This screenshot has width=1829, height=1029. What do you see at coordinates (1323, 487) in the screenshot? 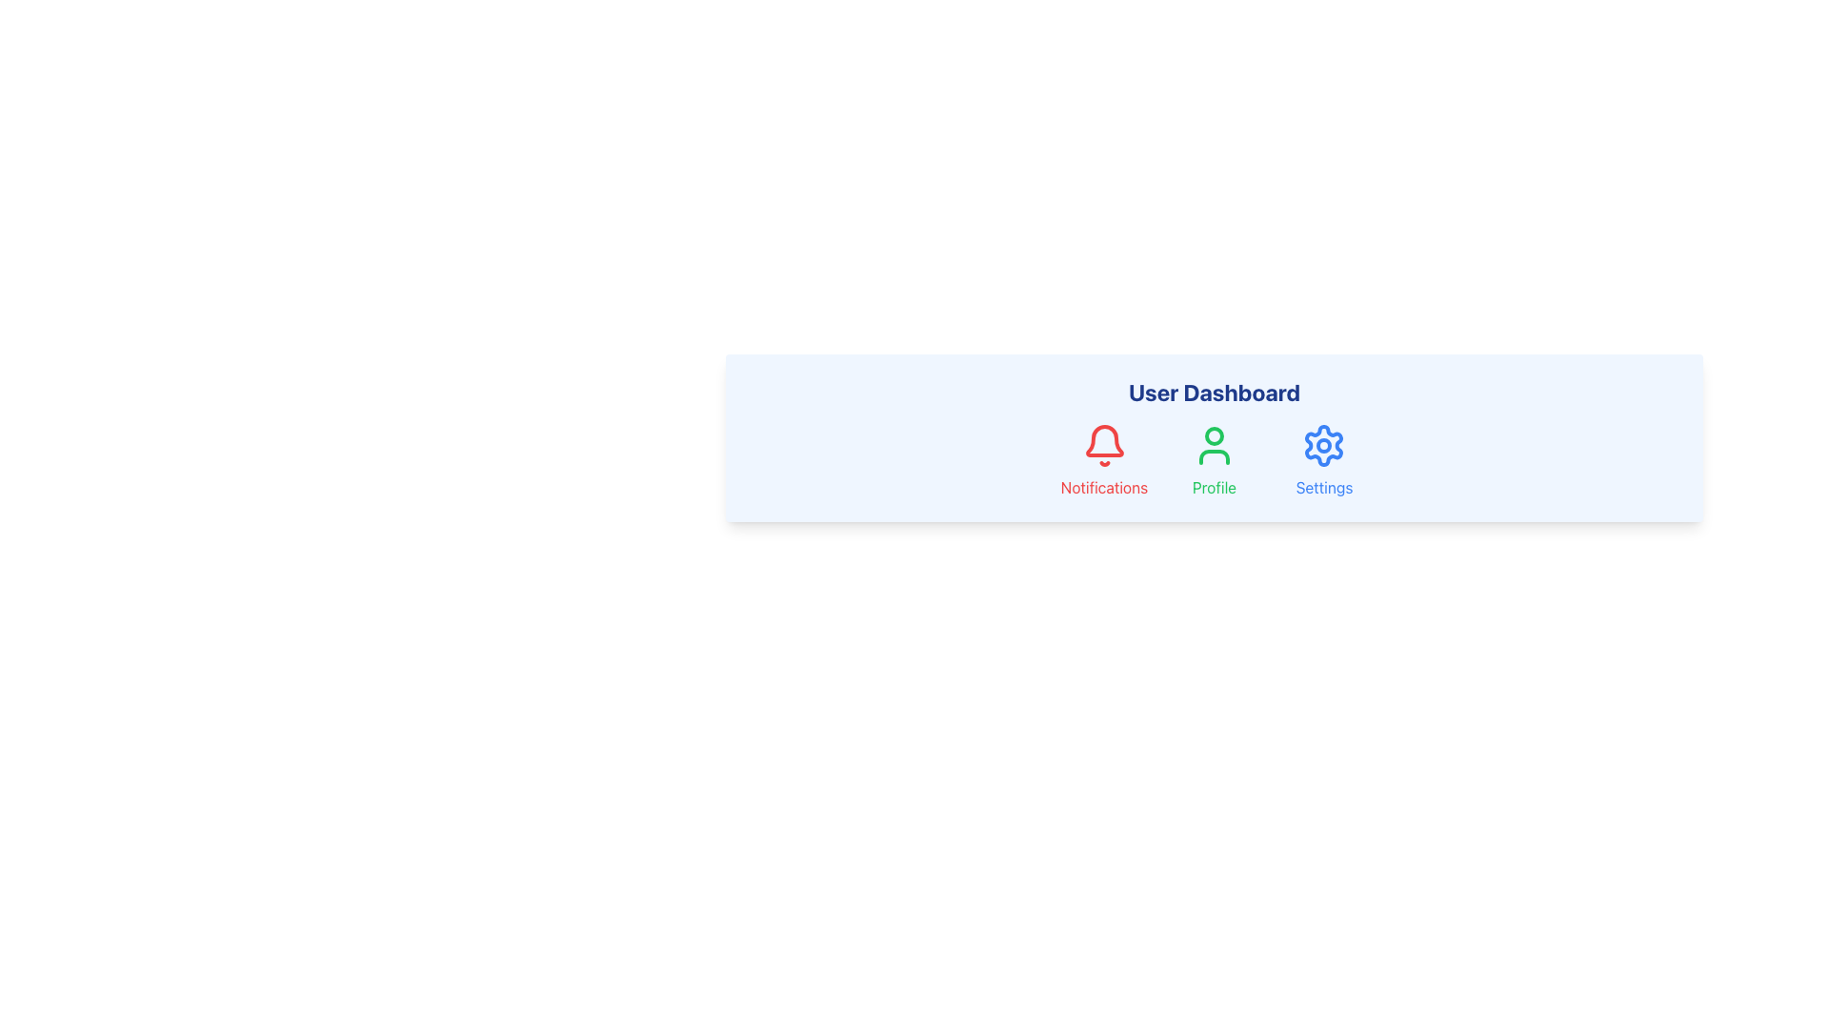
I see `the text element displaying 'Settings' in blue` at bounding box center [1323, 487].